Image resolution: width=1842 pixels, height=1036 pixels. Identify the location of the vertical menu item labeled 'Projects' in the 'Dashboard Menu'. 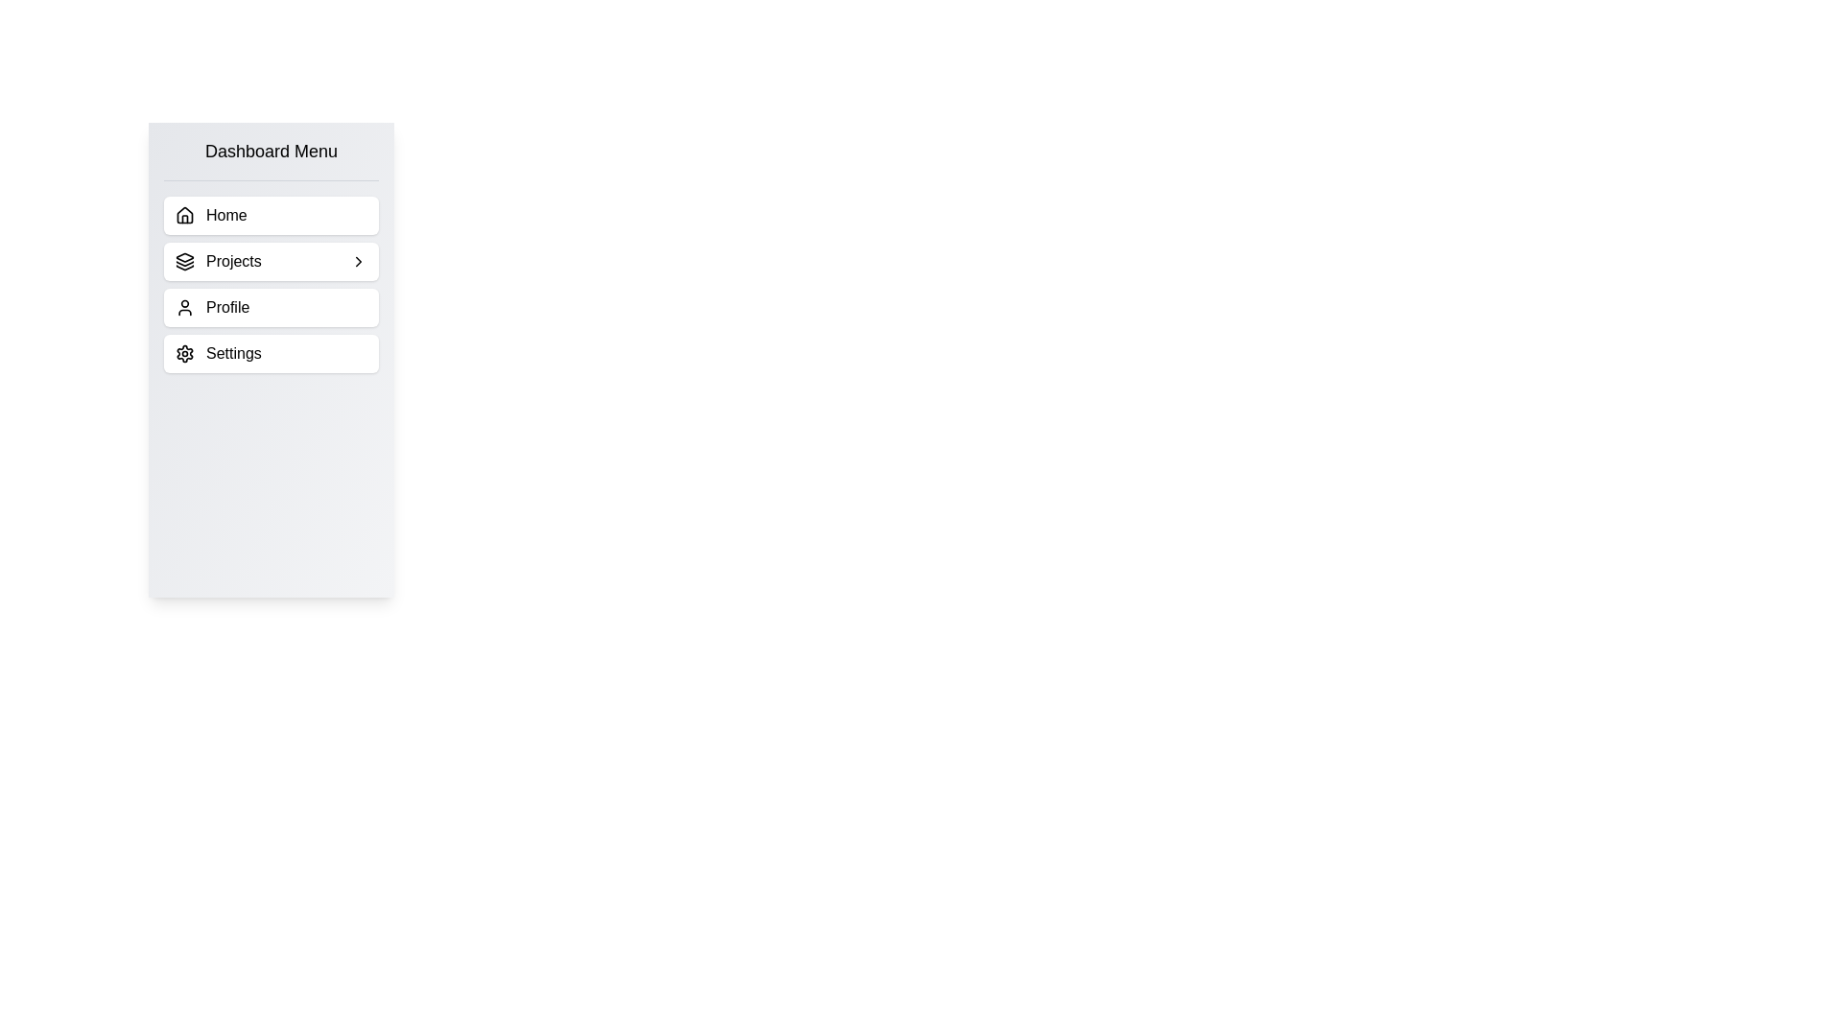
(271, 285).